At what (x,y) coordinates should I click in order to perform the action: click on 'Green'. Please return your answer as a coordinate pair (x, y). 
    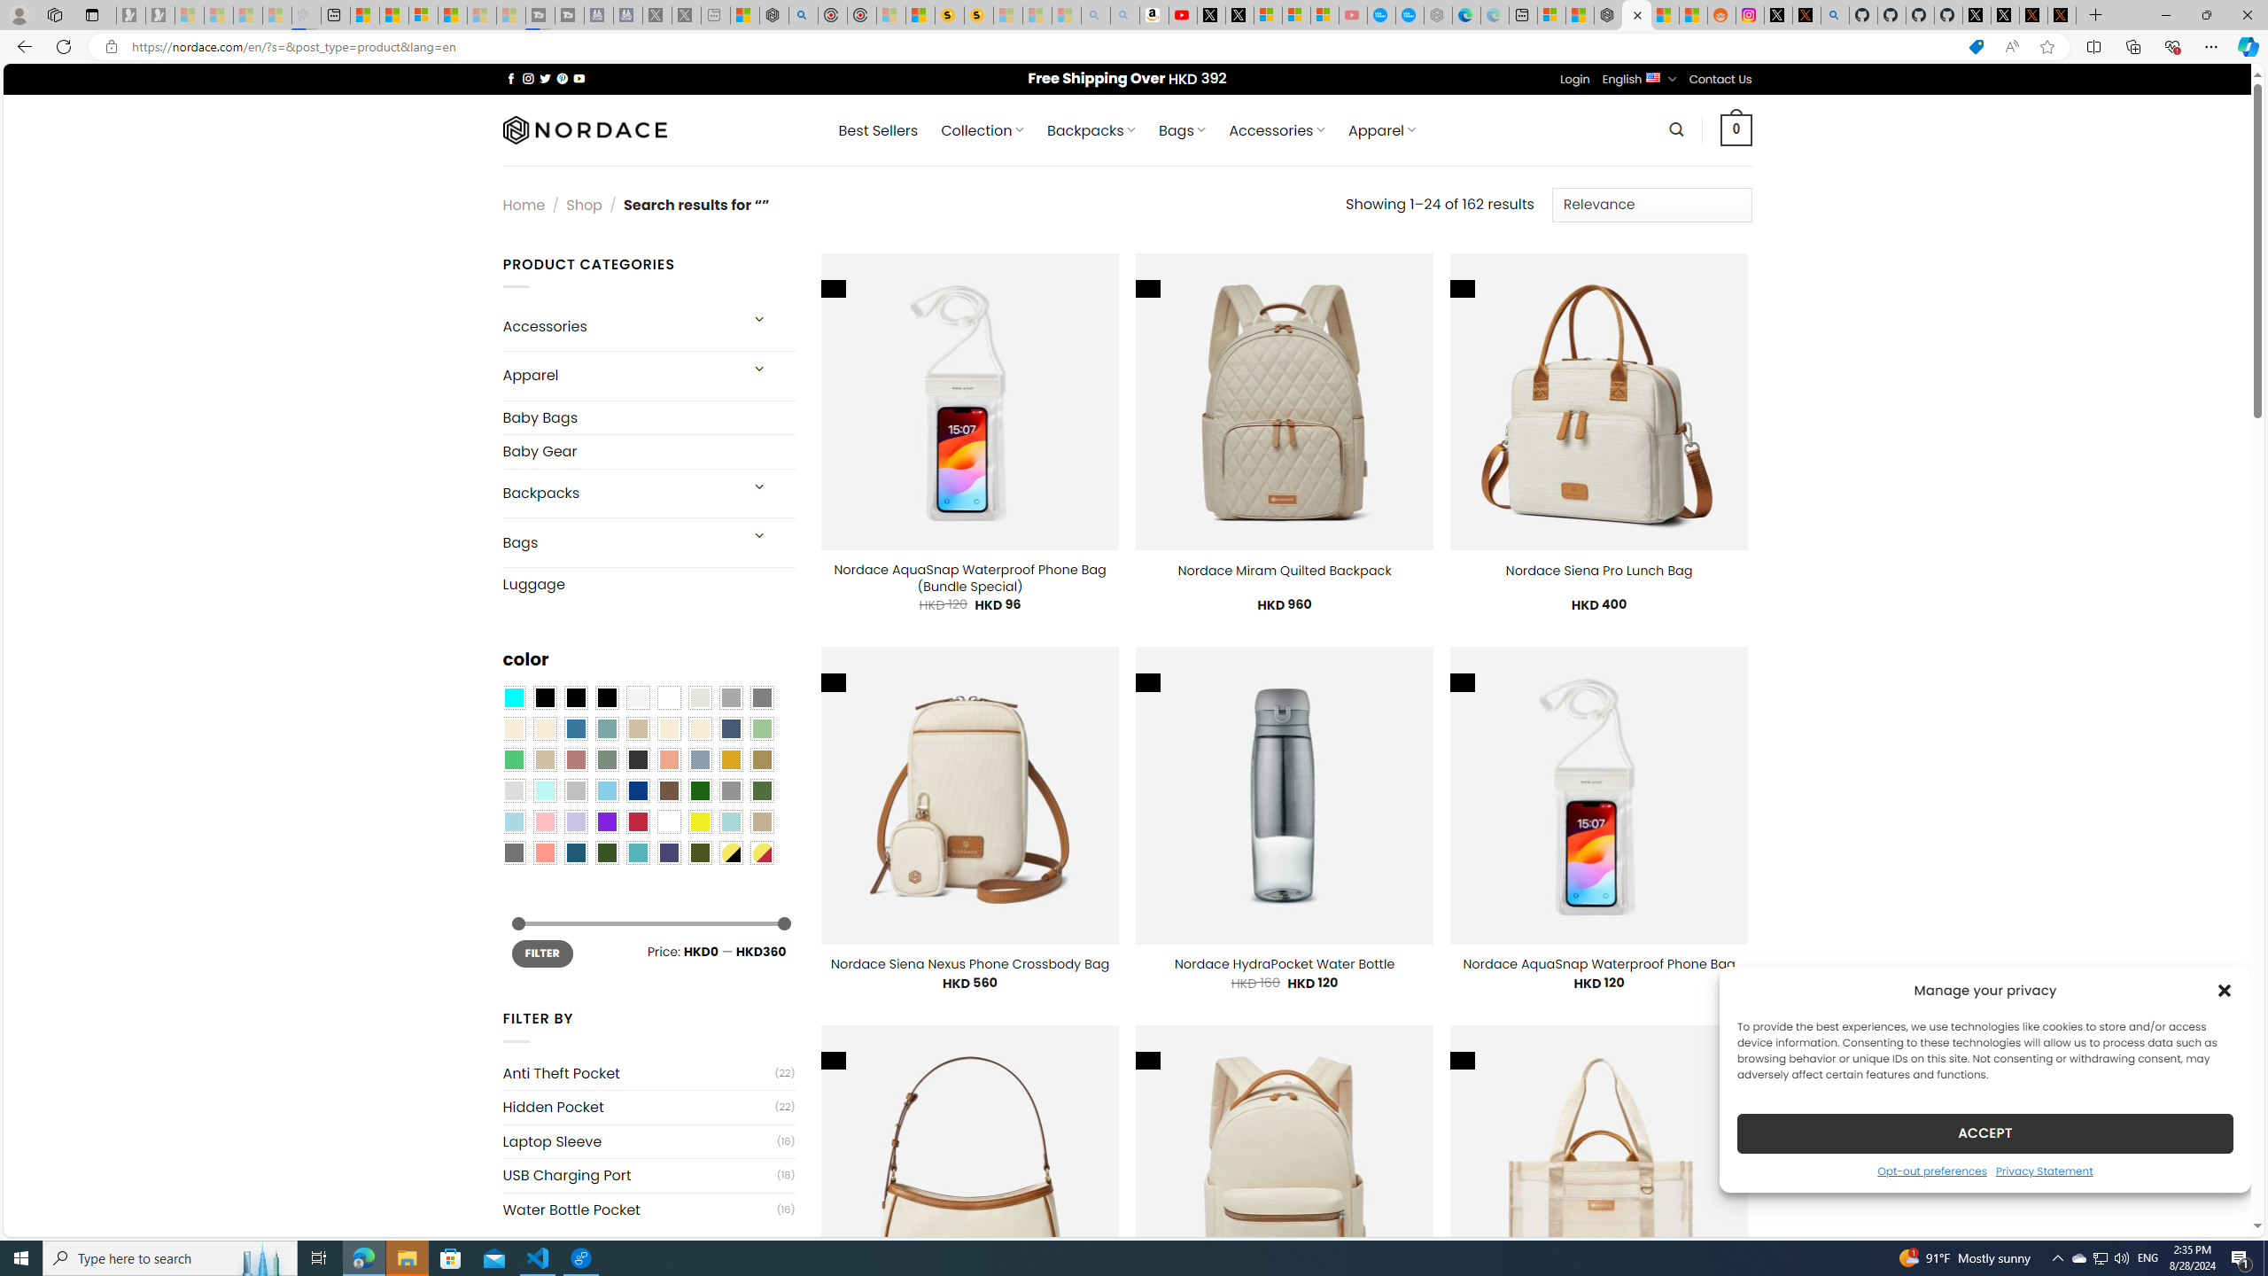
    Looking at the image, I should click on (762, 790).